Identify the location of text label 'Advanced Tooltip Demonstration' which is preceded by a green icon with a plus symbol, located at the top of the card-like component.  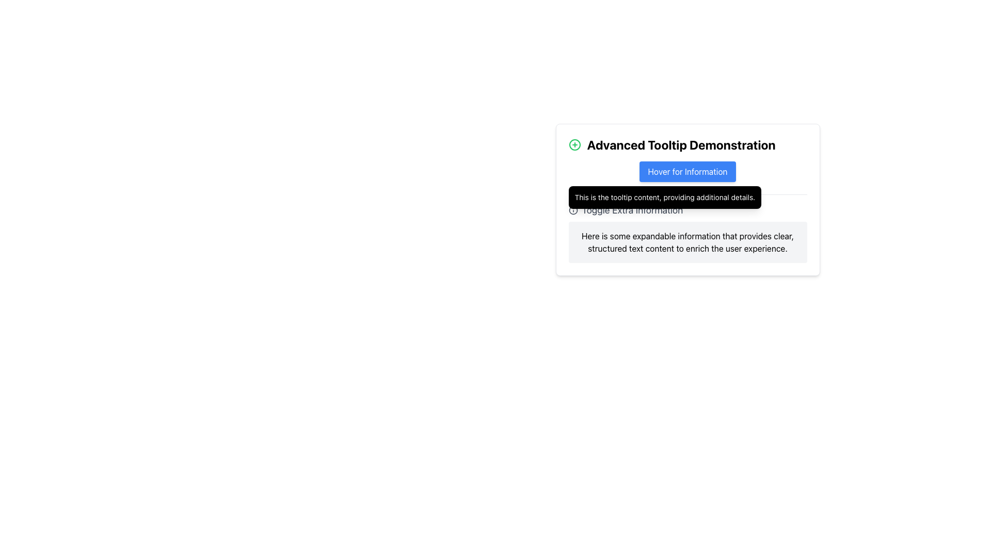
(688, 145).